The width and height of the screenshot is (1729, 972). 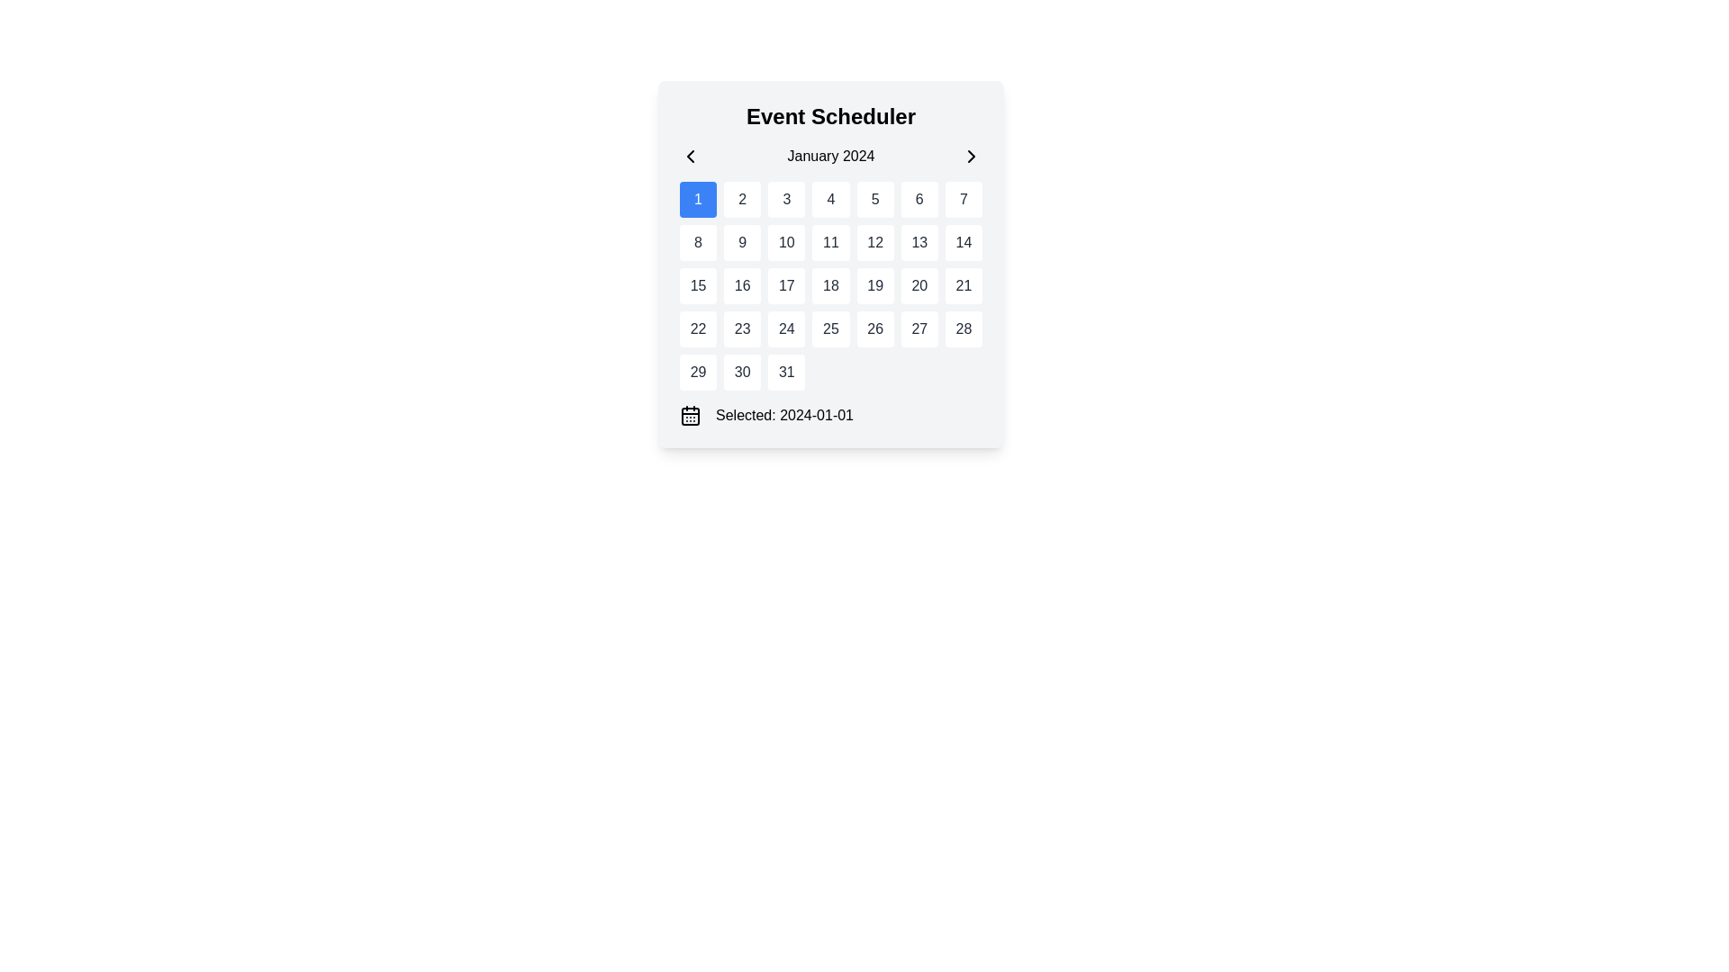 What do you see at coordinates (786, 243) in the screenshot?
I see `the square button with rounded corners displaying the text '10' in the calendar grid` at bounding box center [786, 243].